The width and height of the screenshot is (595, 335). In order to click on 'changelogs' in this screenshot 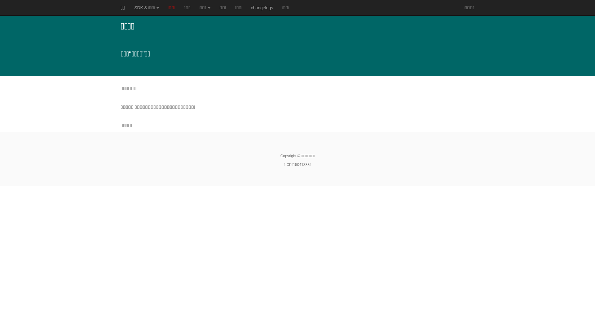, I will do `click(262, 7)`.